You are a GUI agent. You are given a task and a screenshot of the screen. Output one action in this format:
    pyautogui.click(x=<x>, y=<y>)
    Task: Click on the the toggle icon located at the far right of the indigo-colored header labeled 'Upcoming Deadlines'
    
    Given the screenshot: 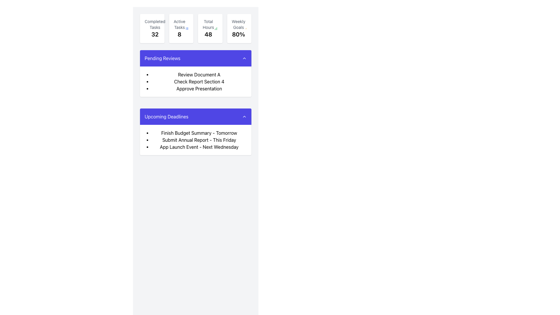 What is the action you would take?
    pyautogui.click(x=244, y=117)
    